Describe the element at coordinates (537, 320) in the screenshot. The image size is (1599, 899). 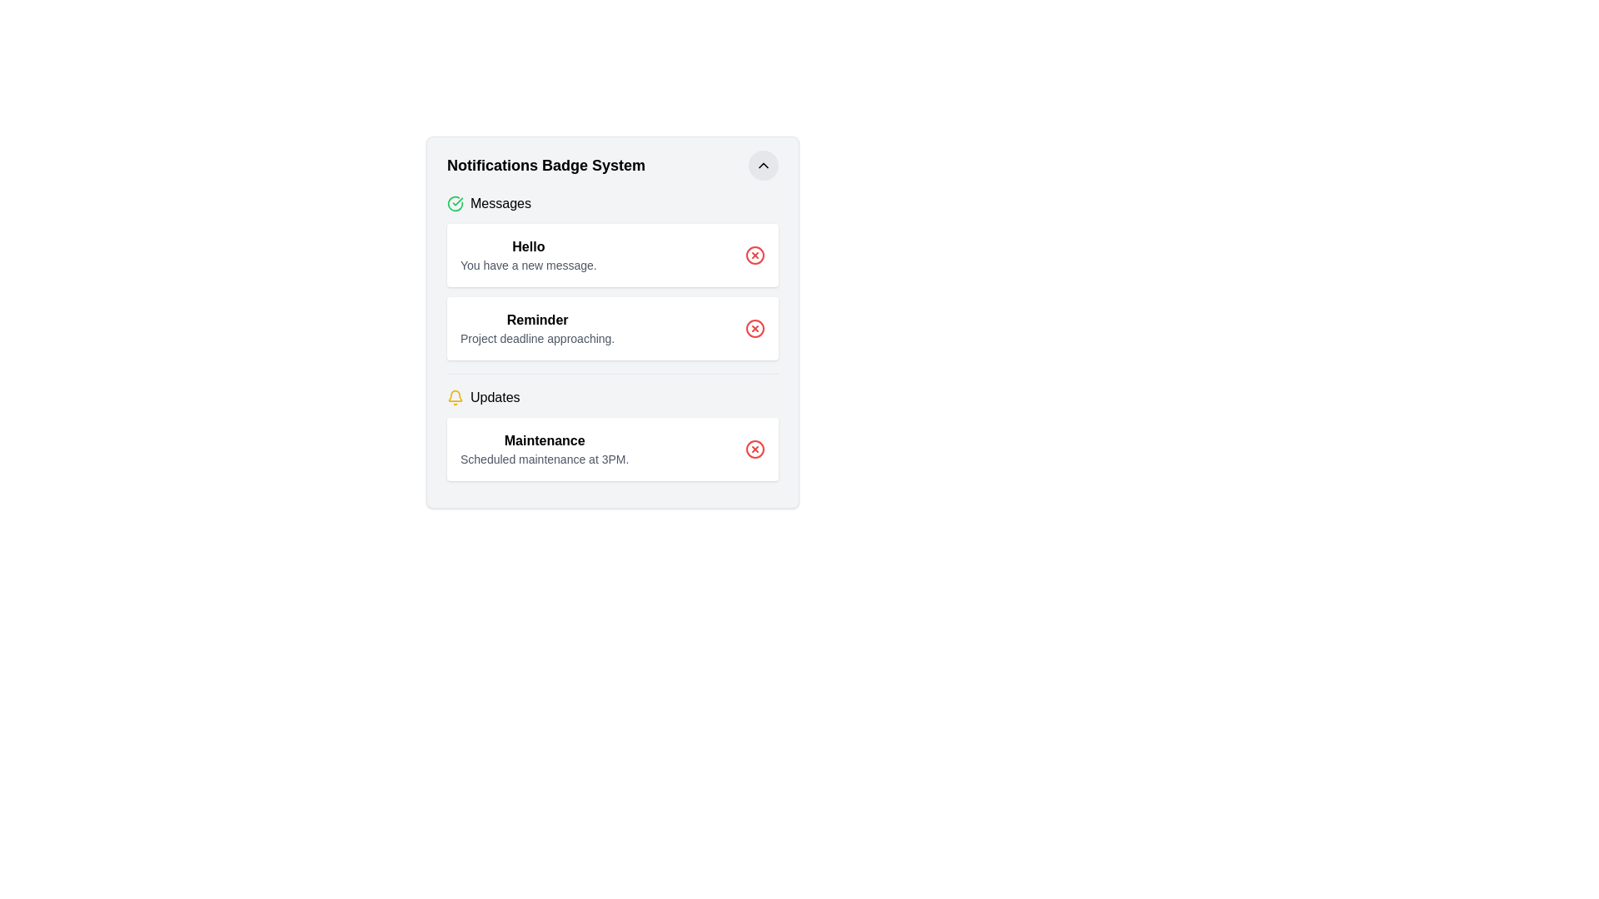
I see `the bolded black text label 'Reminder' which is the header of a notification block in the 'Messages' section of the 'Notifications Badge System' panel` at that location.